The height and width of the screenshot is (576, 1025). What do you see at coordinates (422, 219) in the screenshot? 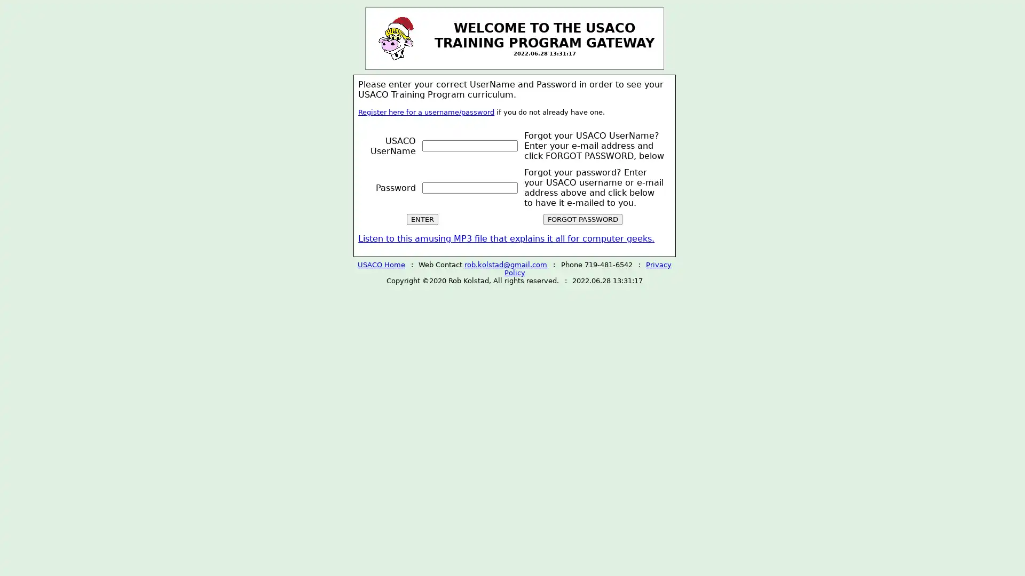
I see `ENTER` at bounding box center [422, 219].